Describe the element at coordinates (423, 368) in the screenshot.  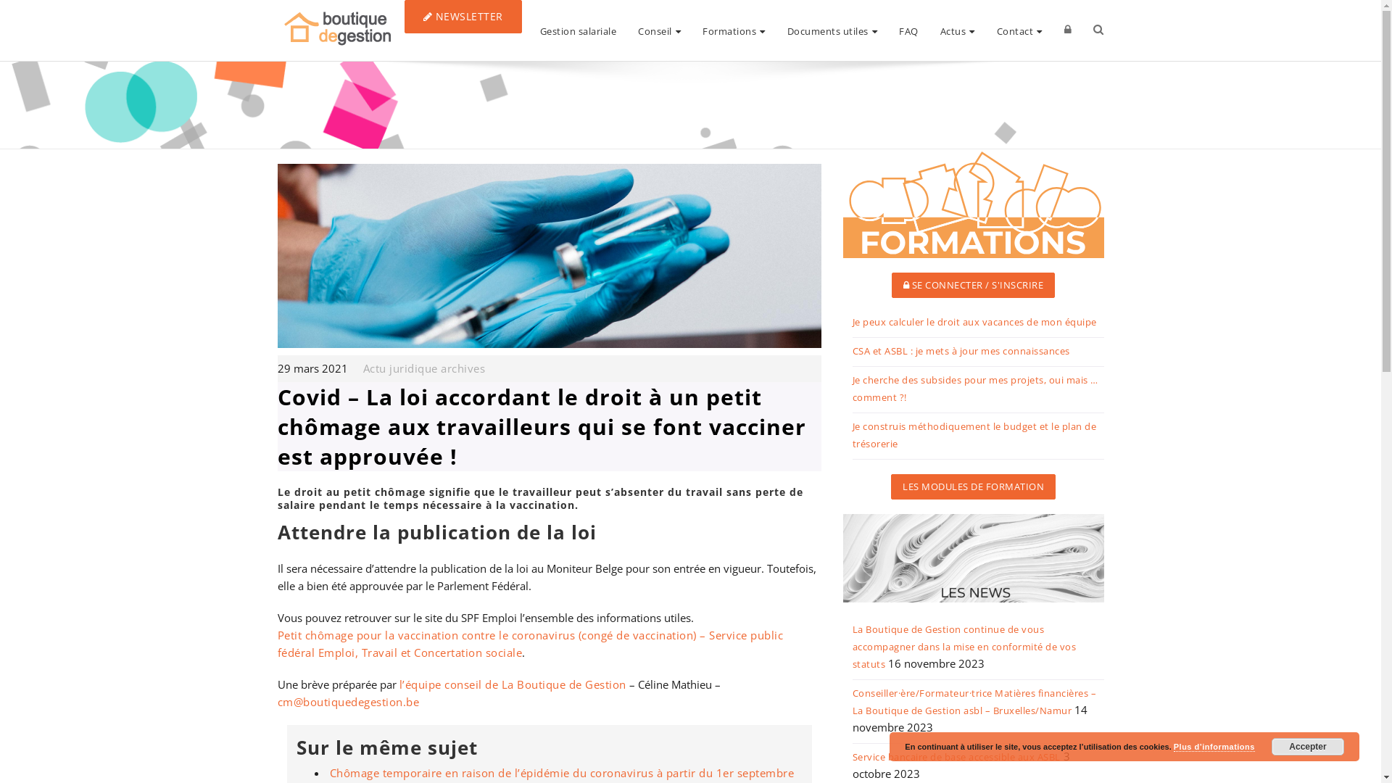
I see `'Actu juridique archives'` at that location.